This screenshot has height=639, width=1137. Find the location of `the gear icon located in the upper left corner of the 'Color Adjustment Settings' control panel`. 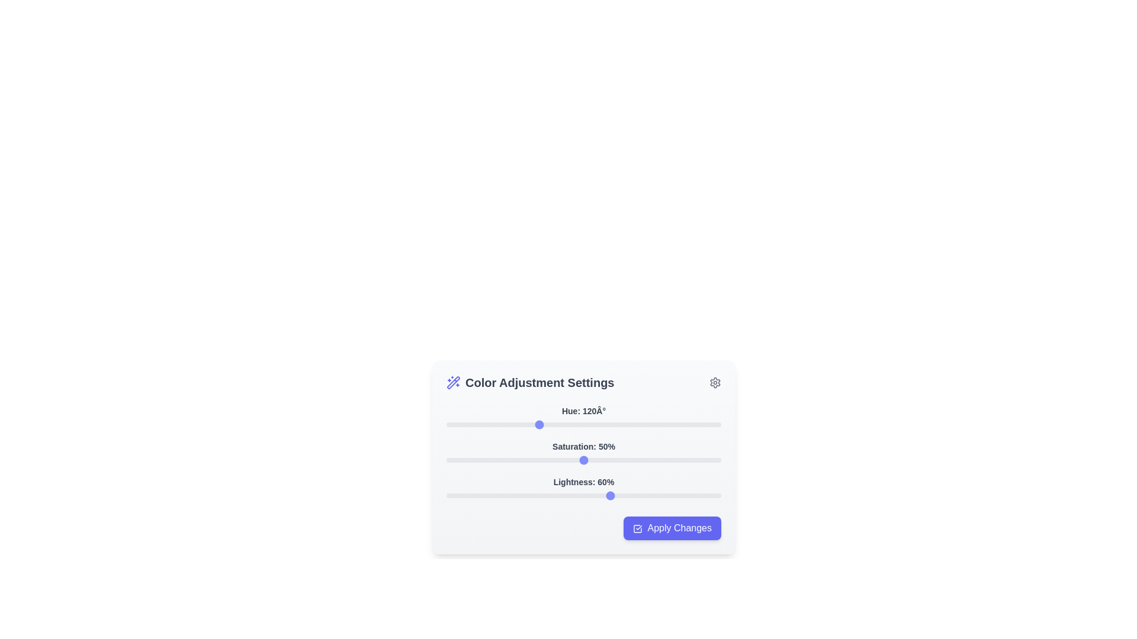

the gear icon located in the upper left corner of the 'Color Adjustment Settings' control panel is located at coordinates (715, 383).